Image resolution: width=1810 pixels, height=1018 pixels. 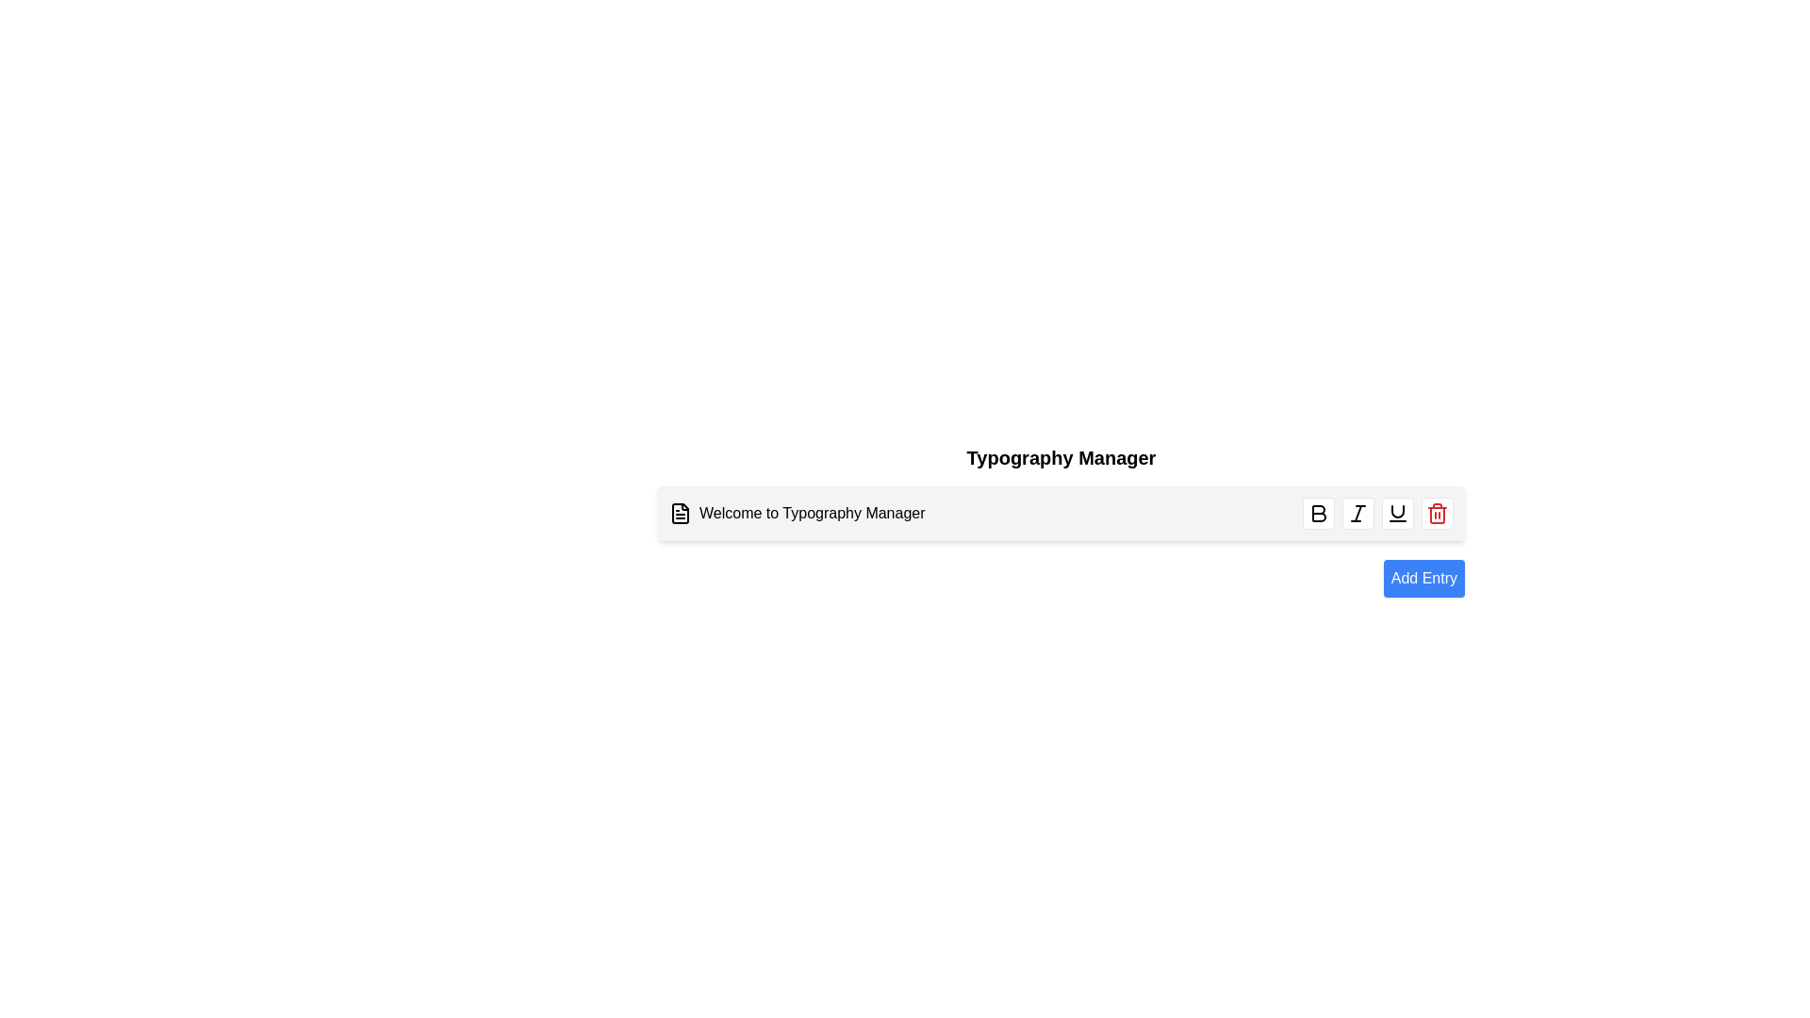 What do you see at coordinates (1357, 513) in the screenshot?
I see `the toggle button for applying or removing italic styling to text in the rich-text editor, located as the second icon from left to right in a sequence of four formatting controls` at bounding box center [1357, 513].